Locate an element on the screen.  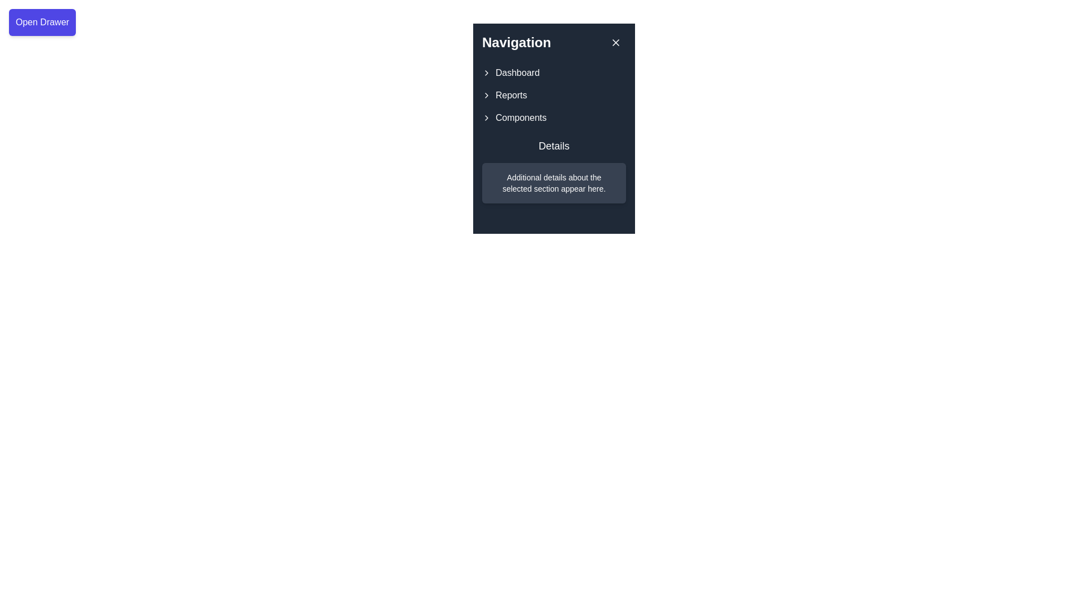
the navigational list containing 'Dashboard', 'Reports', and 'Components' is located at coordinates (554, 94).